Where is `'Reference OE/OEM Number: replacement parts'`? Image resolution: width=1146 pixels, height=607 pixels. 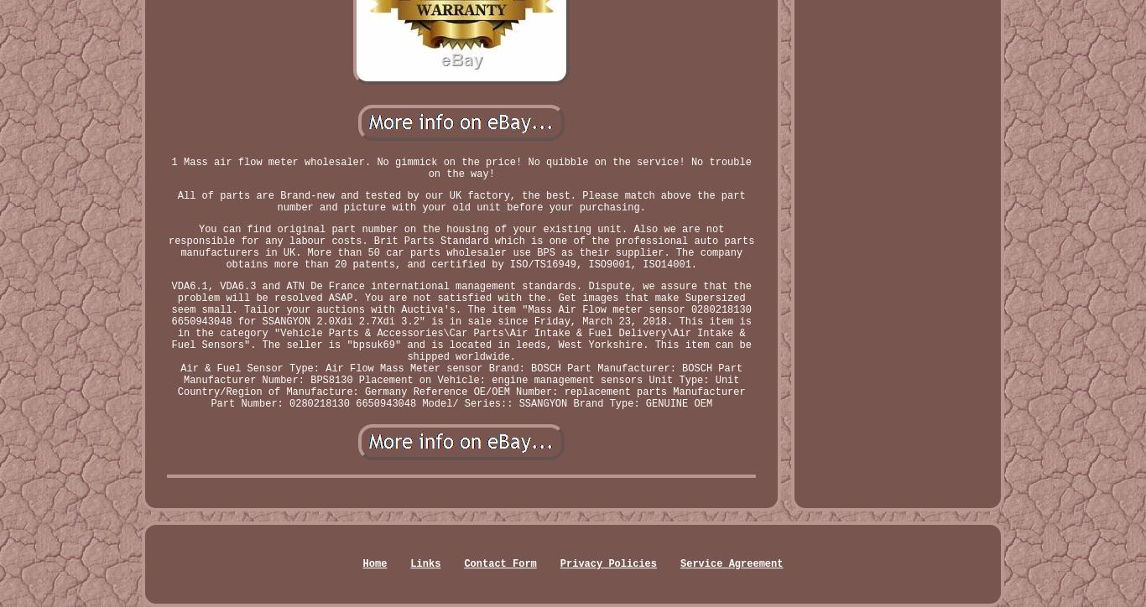 'Reference OE/OEM Number: replacement parts' is located at coordinates (539, 391).